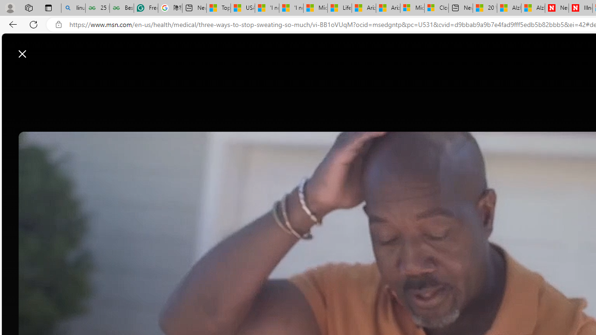  Describe the element at coordinates (121, 8) in the screenshot. I see `'Best SSL Certificates Provider in India - GeeksforGeeks'` at that location.